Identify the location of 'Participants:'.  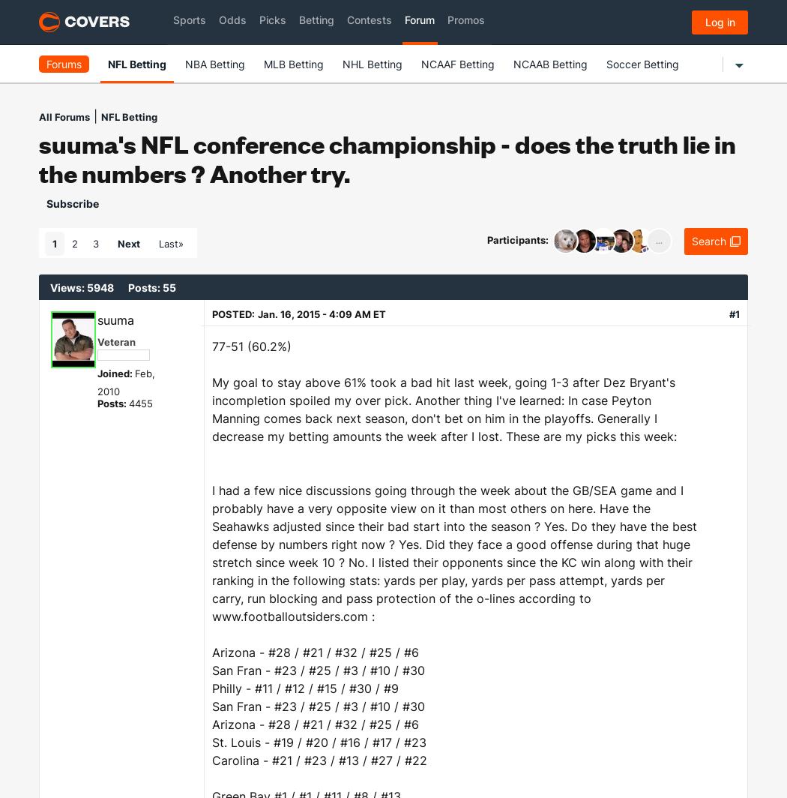
(518, 238).